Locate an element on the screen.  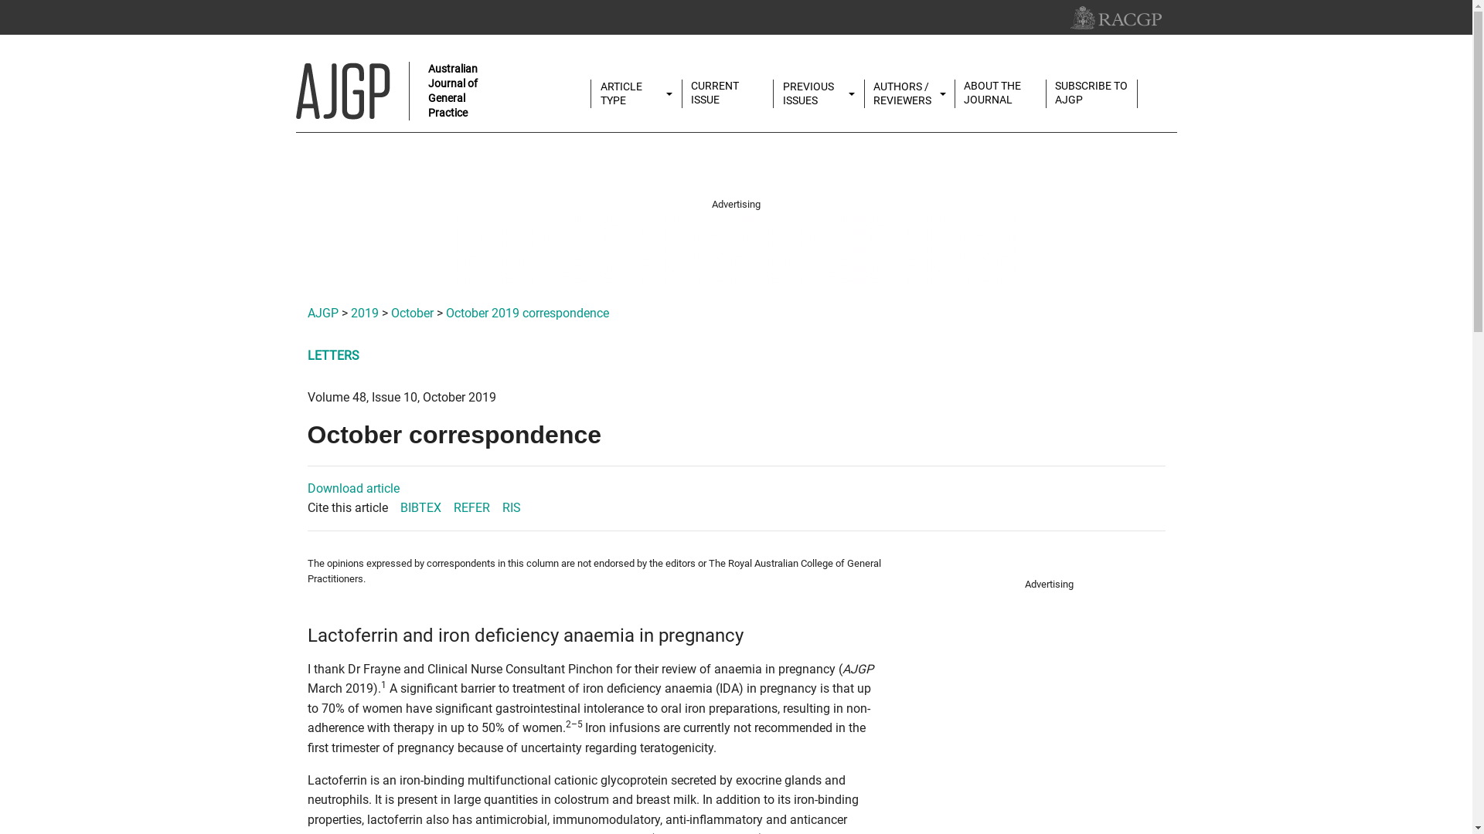
'ARTICLE TYPE' is located at coordinates (636, 93).